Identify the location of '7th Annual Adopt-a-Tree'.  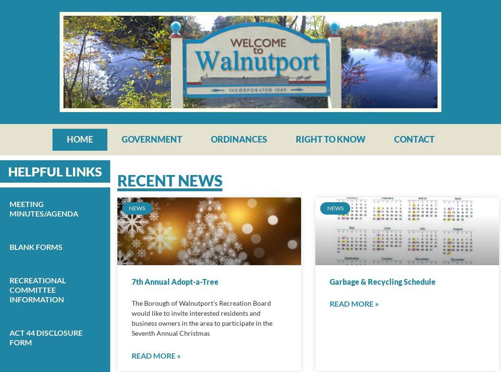
(174, 281).